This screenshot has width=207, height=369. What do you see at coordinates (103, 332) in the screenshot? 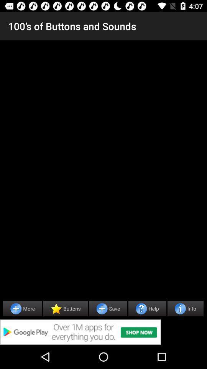
I see `advertisement page` at bounding box center [103, 332].